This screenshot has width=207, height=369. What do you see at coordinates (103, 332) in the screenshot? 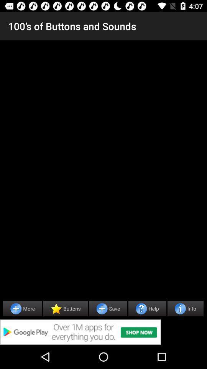
I see `advertisement page` at bounding box center [103, 332].